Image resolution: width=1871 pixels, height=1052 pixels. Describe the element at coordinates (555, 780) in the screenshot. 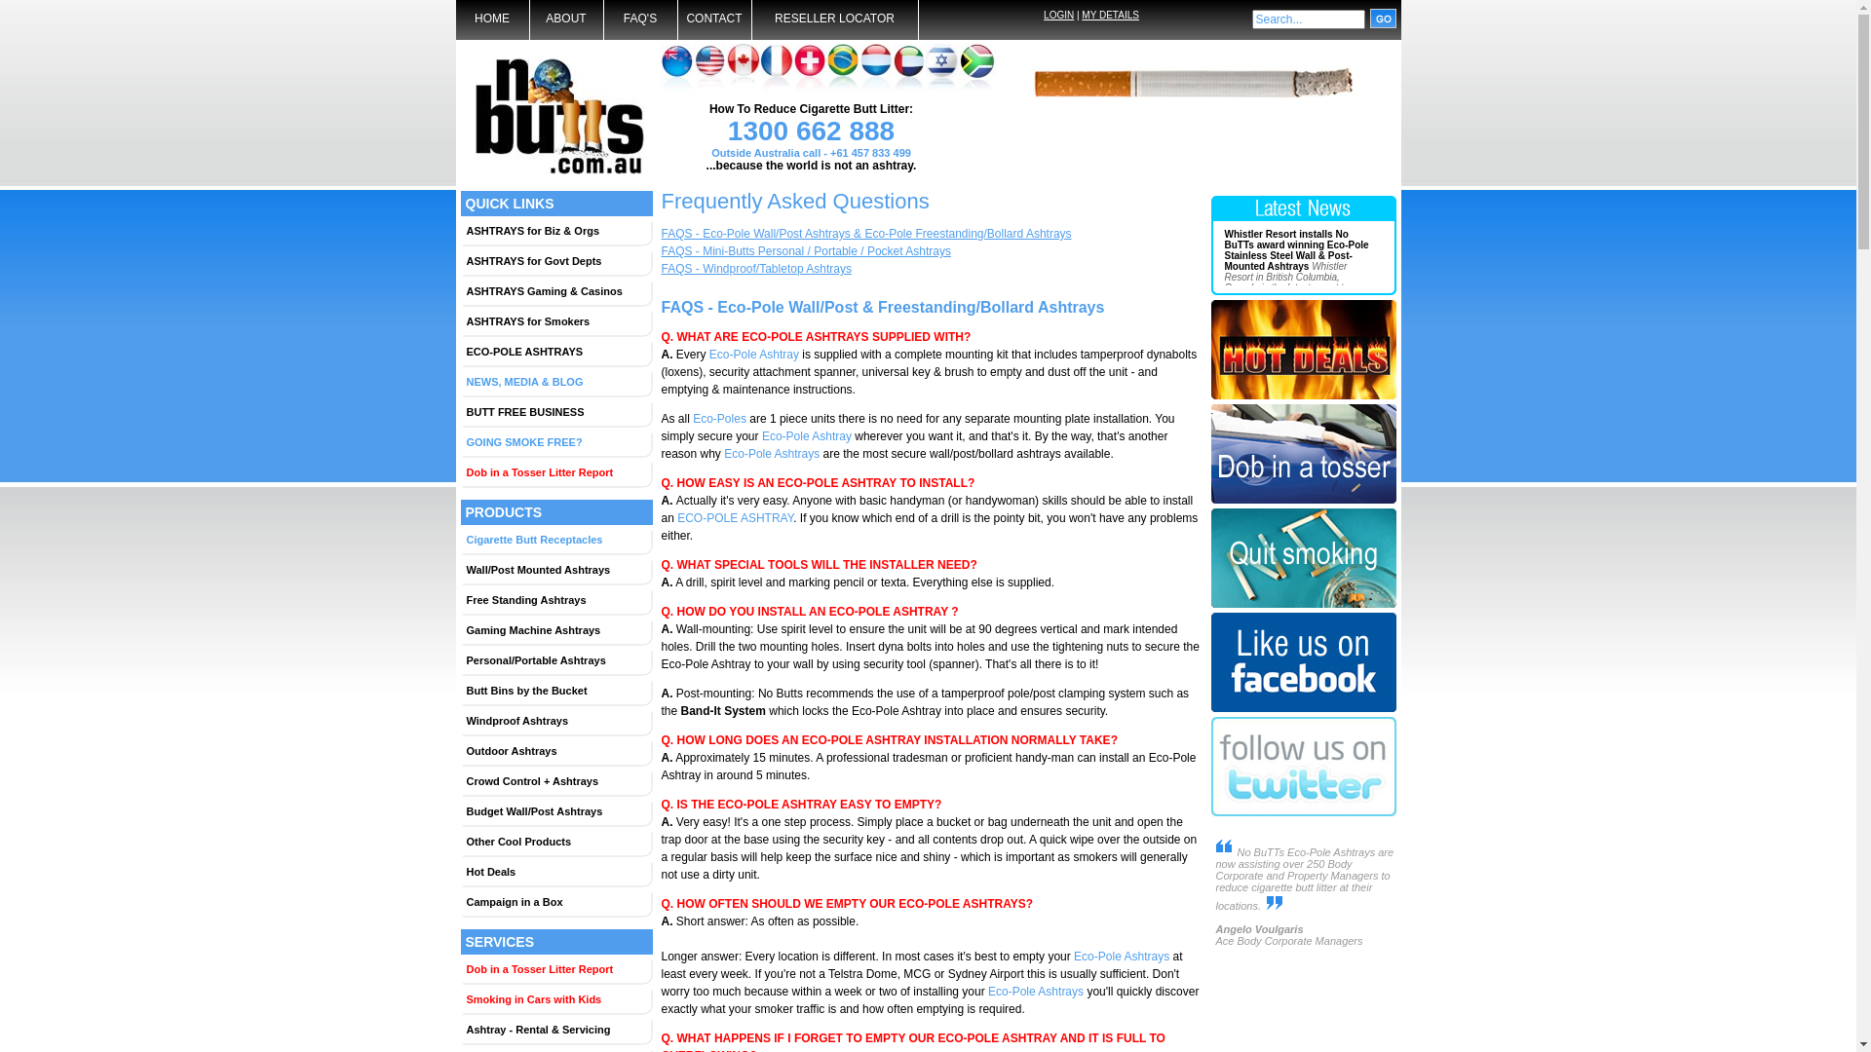

I see `'Crowd Control + Ashtrays'` at that location.